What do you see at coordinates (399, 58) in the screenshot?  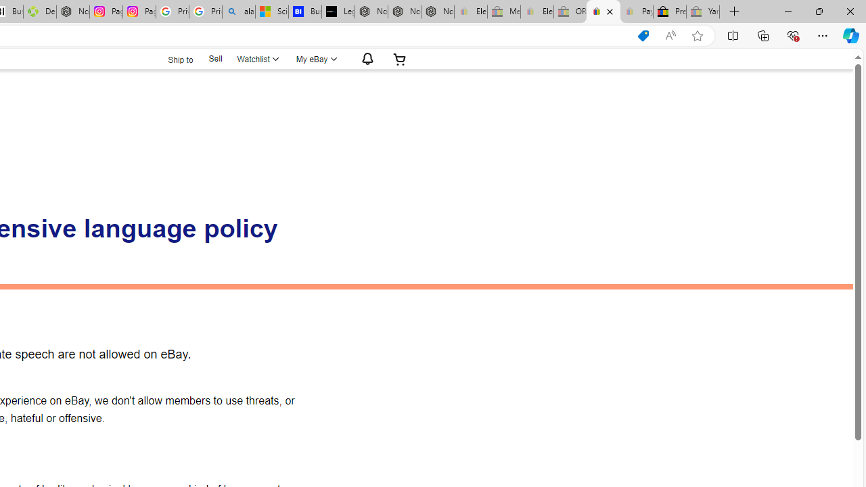 I see `'Expand Cart'` at bounding box center [399, 58].